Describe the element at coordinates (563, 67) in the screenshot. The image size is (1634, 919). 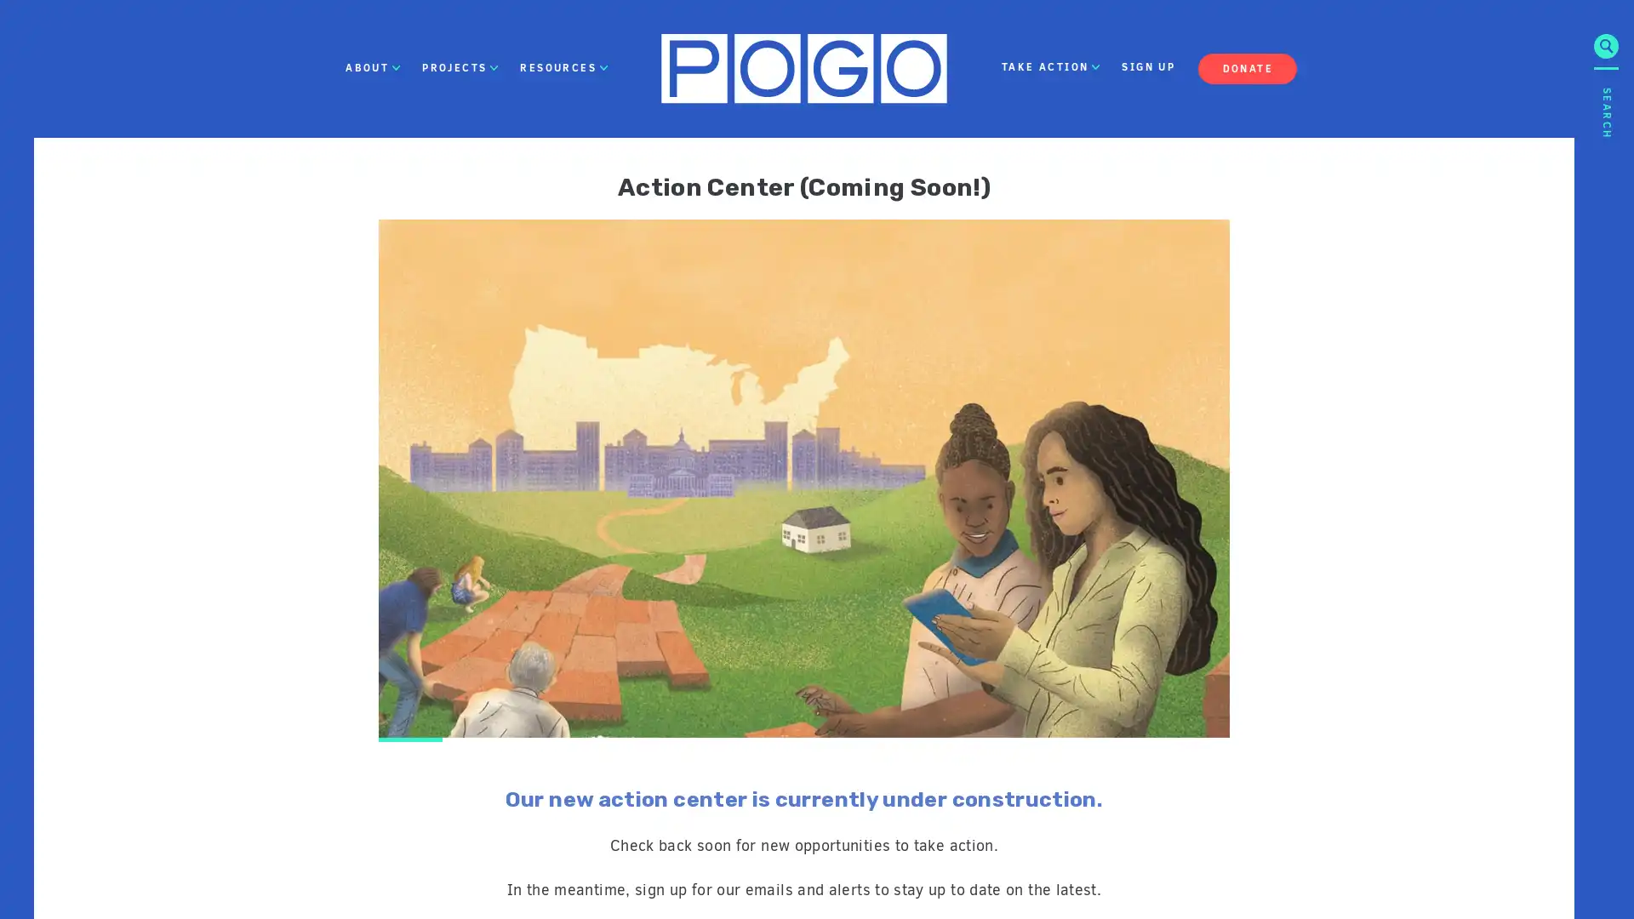
I see `RESOURCES` at that location.